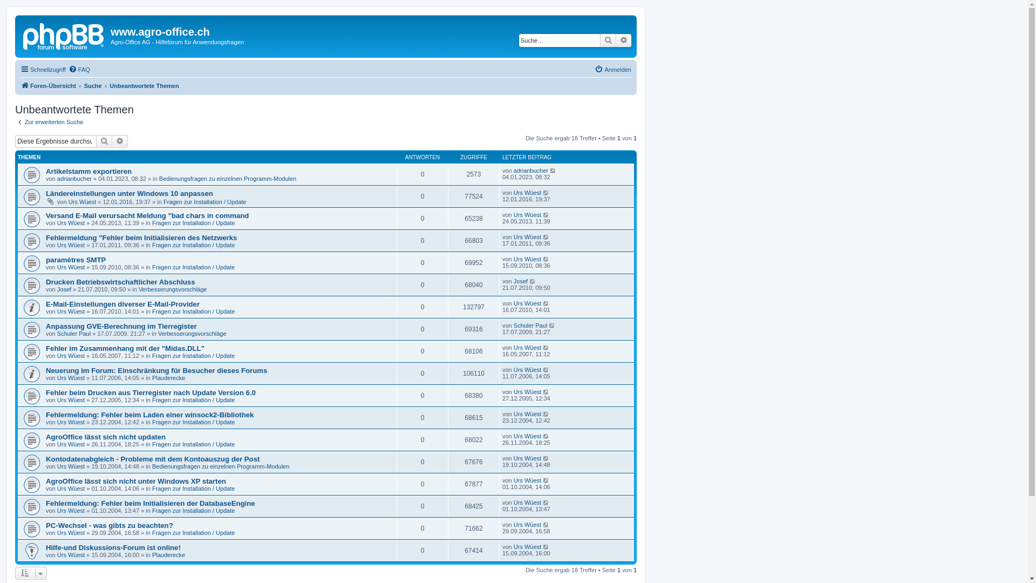  What do you see at coordinates (168, 377) in the screenshot?
I see `'Plauderecke'` at bounding box center [168, 377].